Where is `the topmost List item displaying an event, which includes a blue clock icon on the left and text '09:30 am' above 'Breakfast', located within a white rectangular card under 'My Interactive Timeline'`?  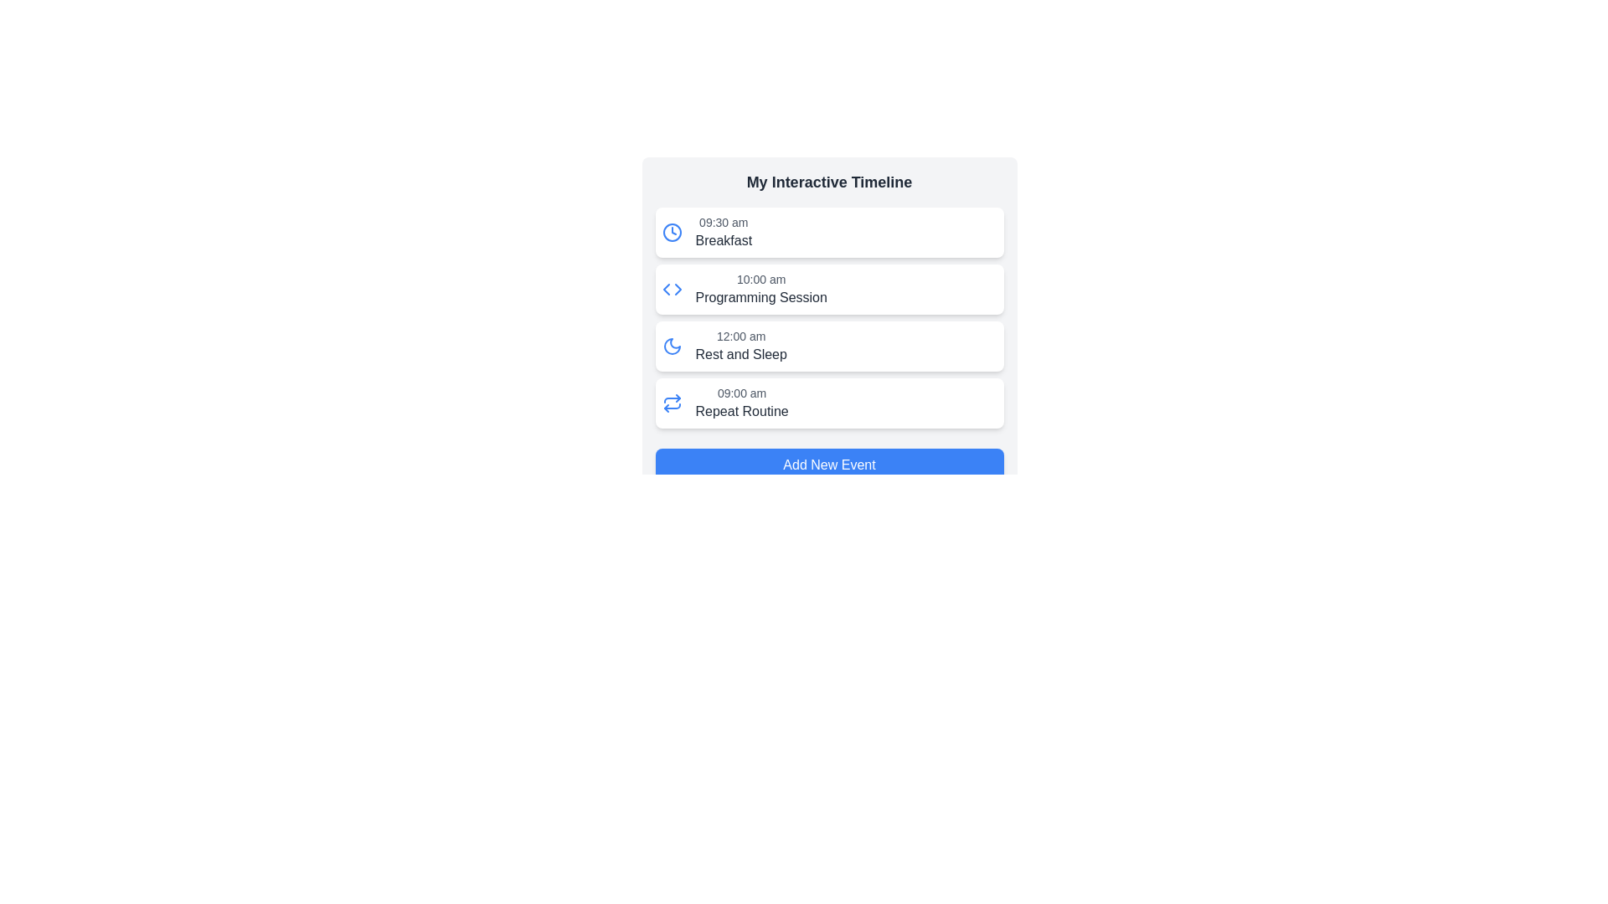 the topmost List item displaying an event, which includes a blue clock icon on the left and text '09:30 am' above 'Breakfast', located within a white rectangular card under 'My Interactive Timeline' is located at coordinates (707, 232).